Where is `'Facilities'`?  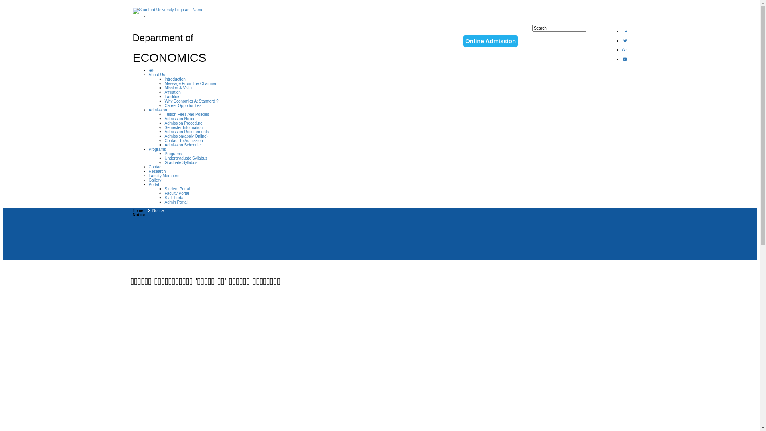 'Facilities' is located at coordinates (172, 96).